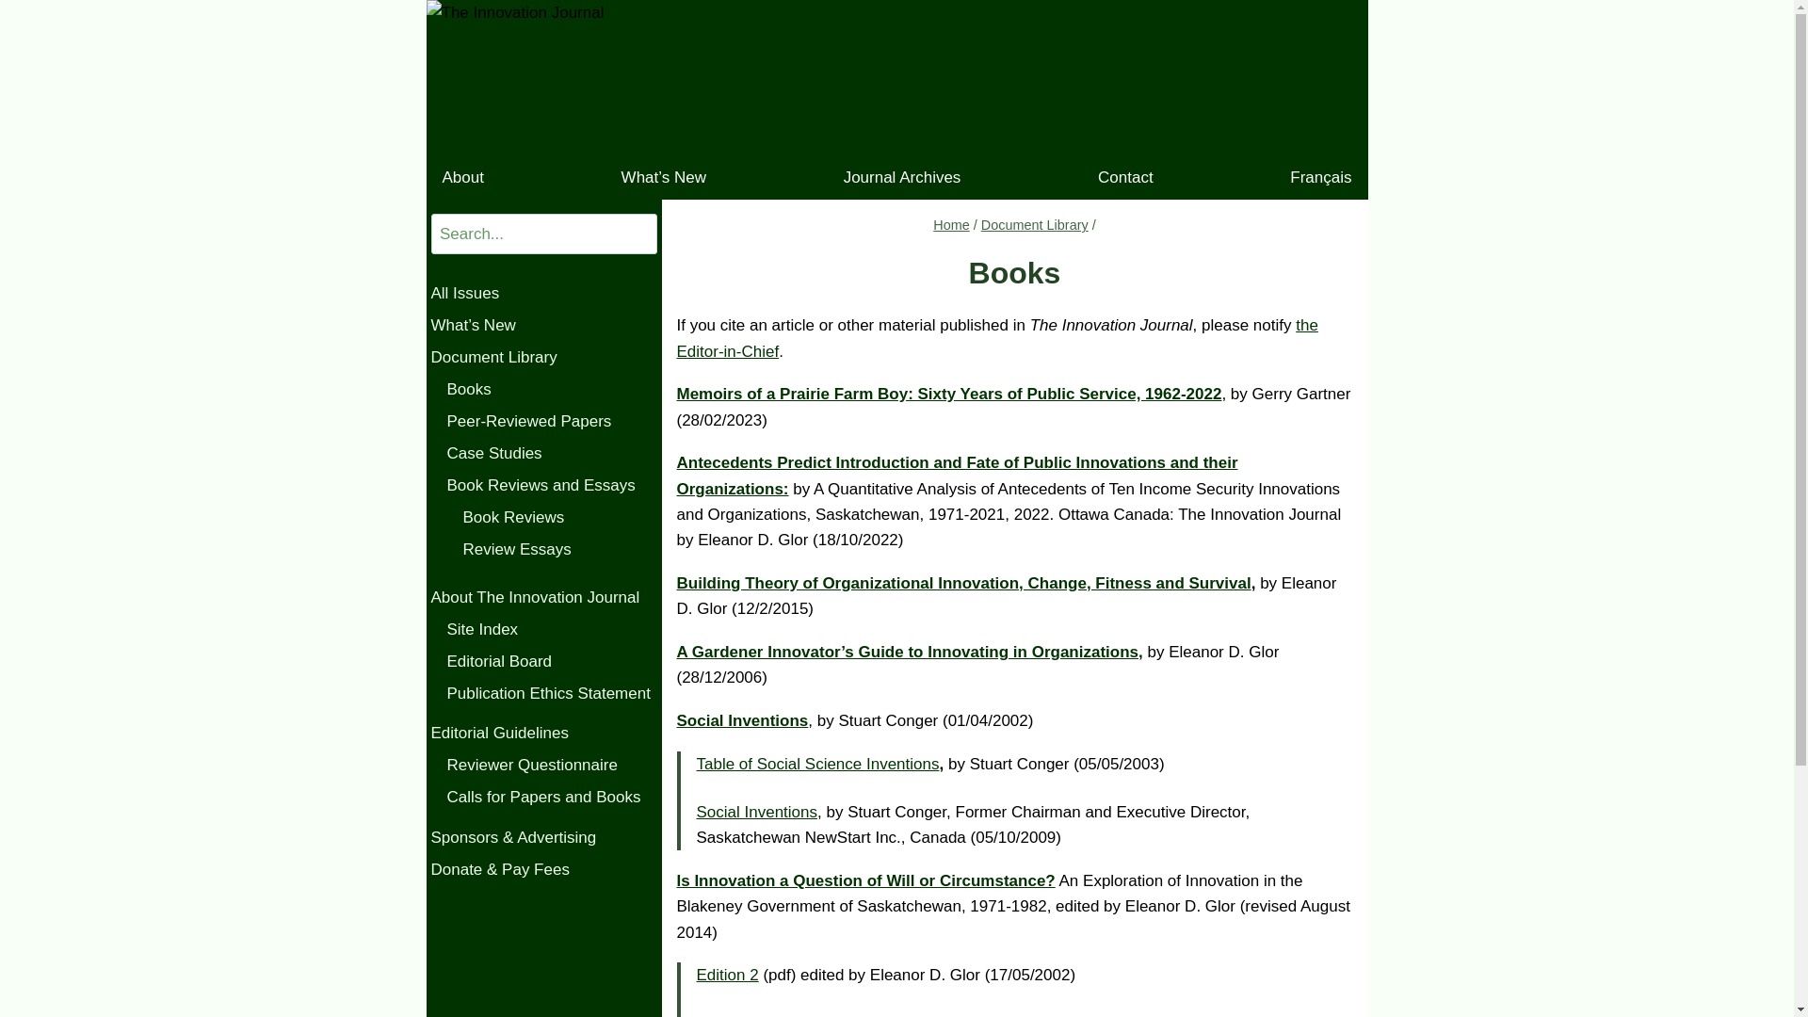 This screenshot has width=1808, height=1017. I want to click on 'Publication Ethics Statement', so click(550, 693).